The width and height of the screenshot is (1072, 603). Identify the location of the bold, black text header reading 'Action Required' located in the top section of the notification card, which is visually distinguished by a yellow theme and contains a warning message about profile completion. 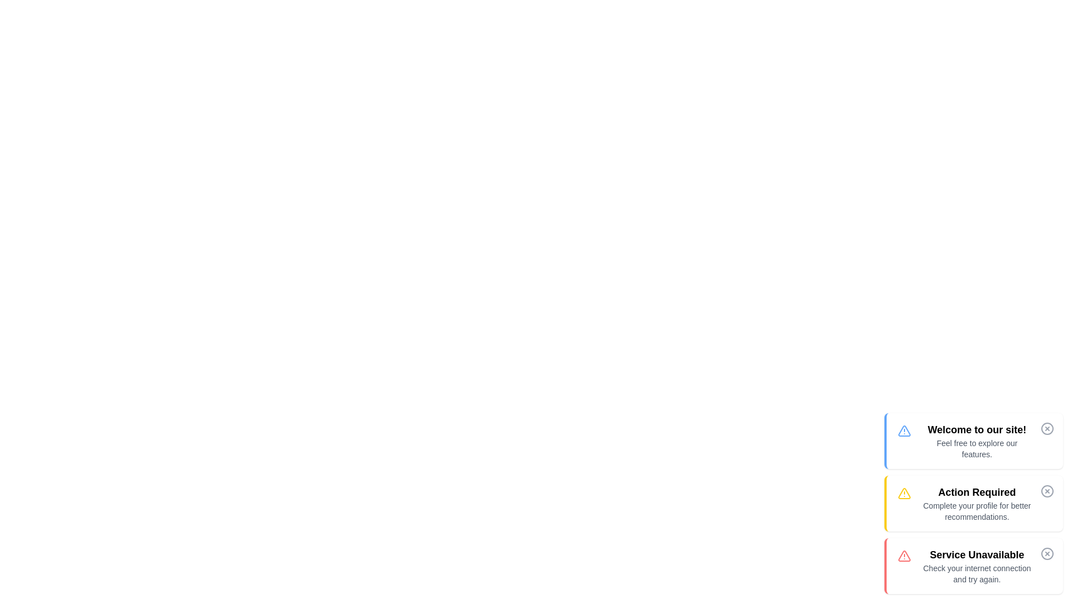
(977, 492).